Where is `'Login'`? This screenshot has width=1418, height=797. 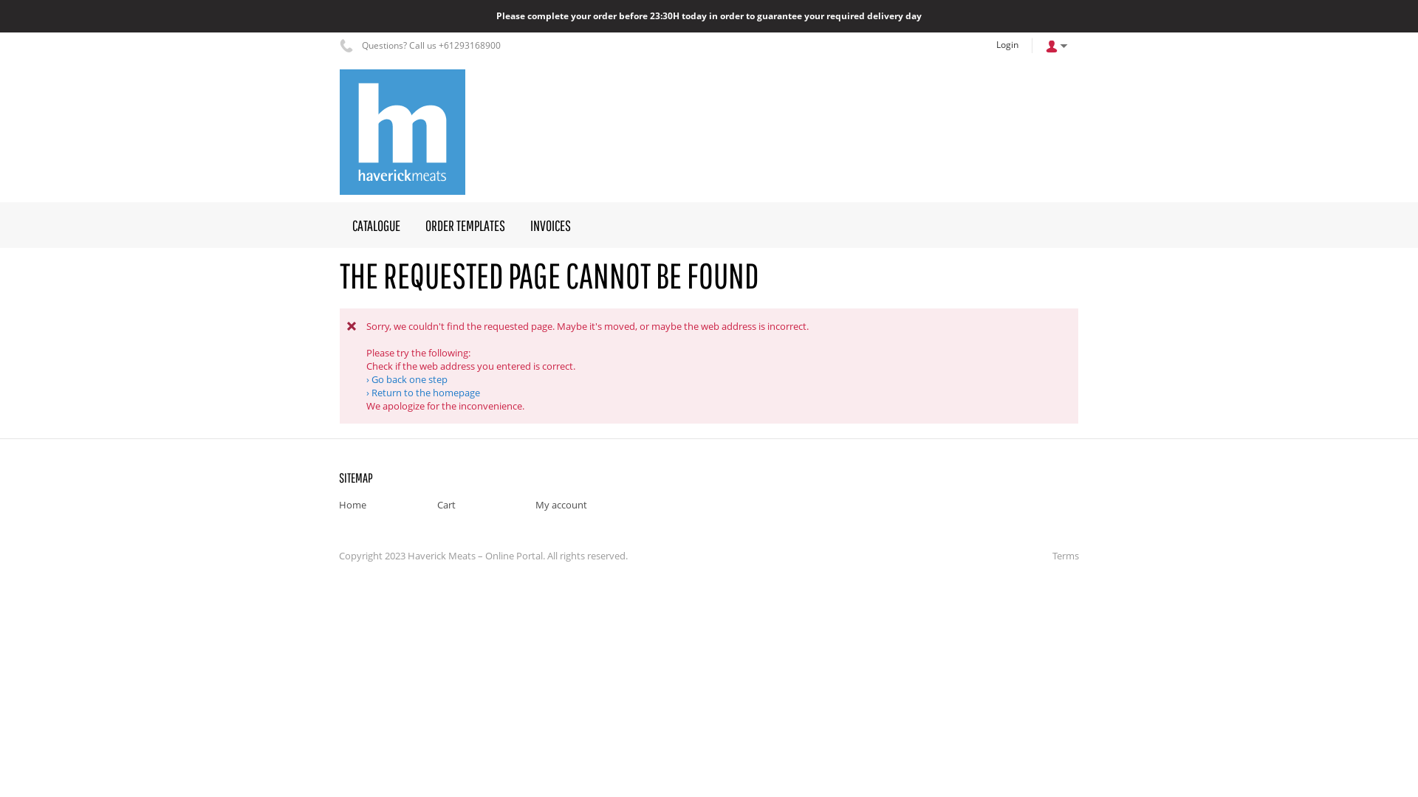 'Login' is located at coordinates (1006, 44).